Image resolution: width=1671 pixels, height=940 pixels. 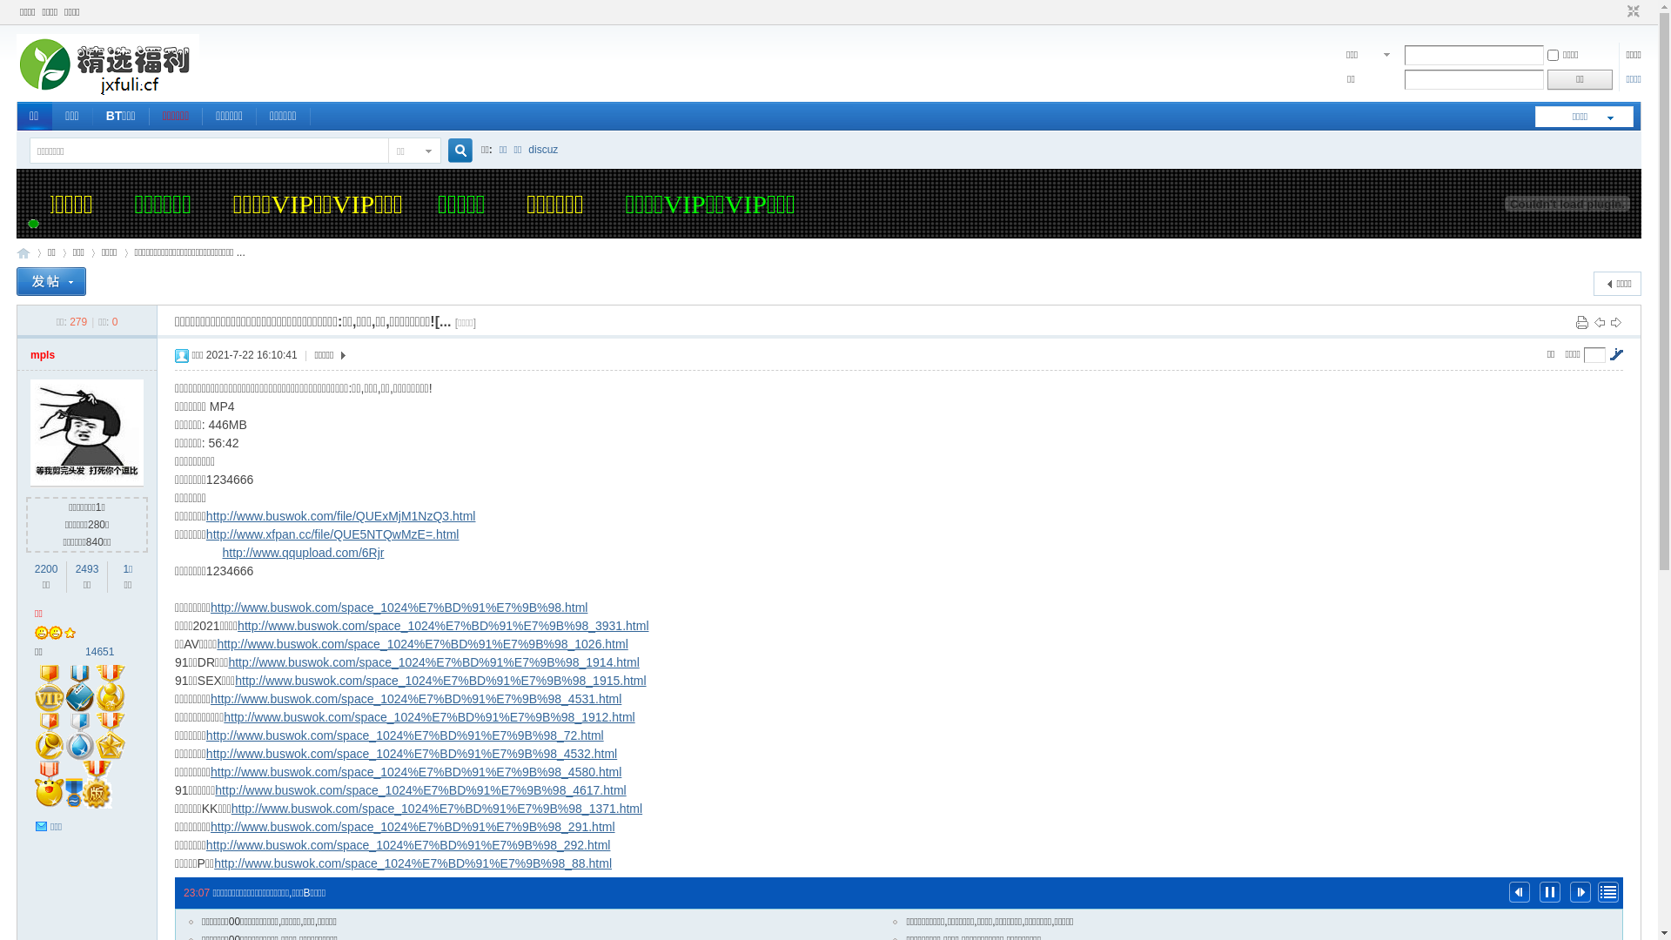 I want to click on 'http://www.buswok.com/space_1024%E7%BD%91%E7%9B%98_4532.html', so click(x=411, y=753).